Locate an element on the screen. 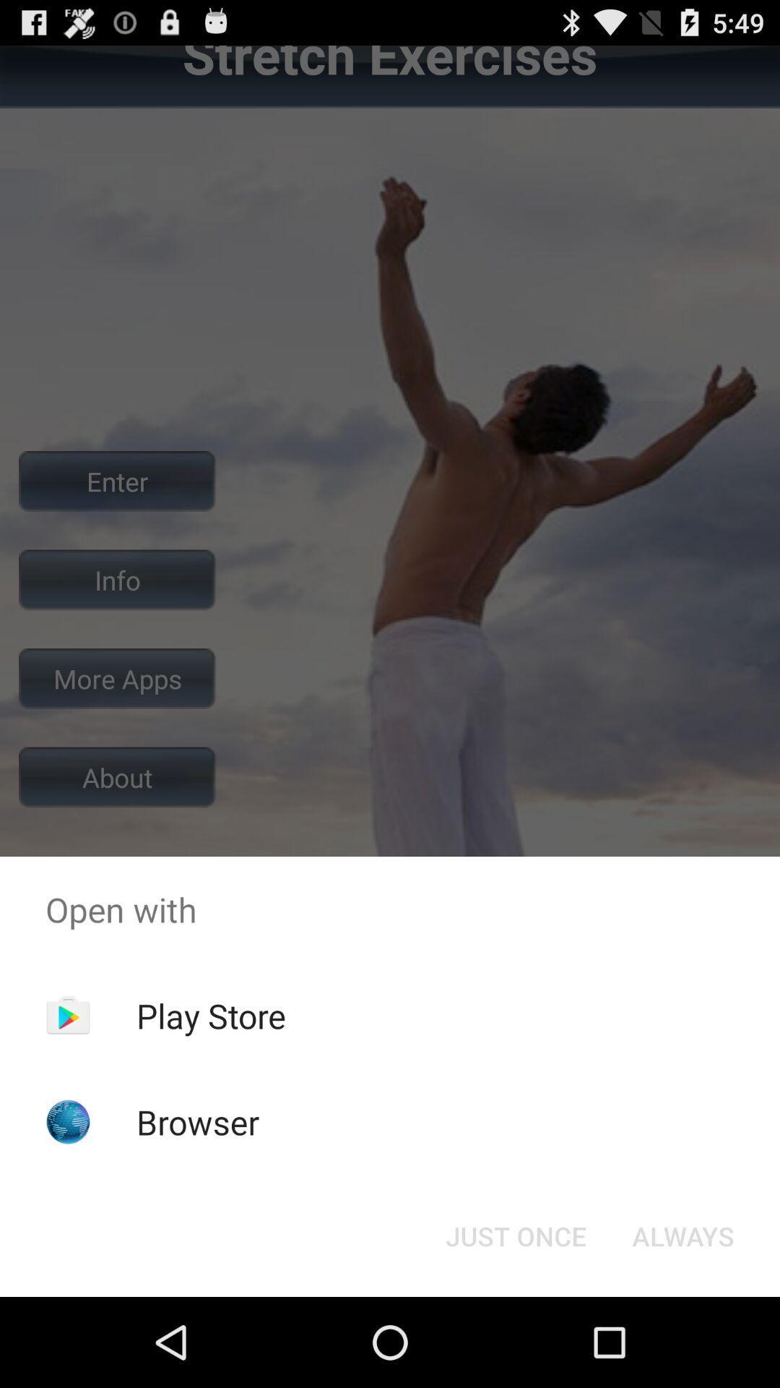  item above browser is located at coordinates (211, 1015).